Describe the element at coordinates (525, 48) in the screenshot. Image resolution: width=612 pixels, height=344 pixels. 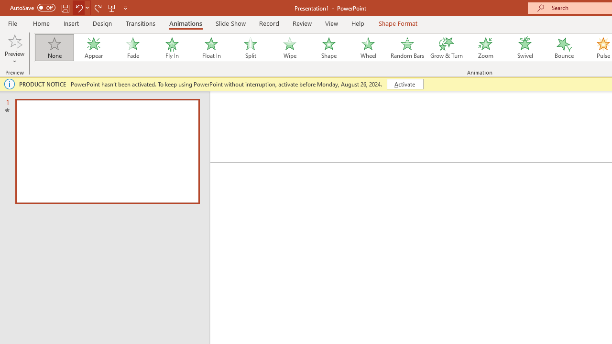
I see `'Swivel'` at that location.